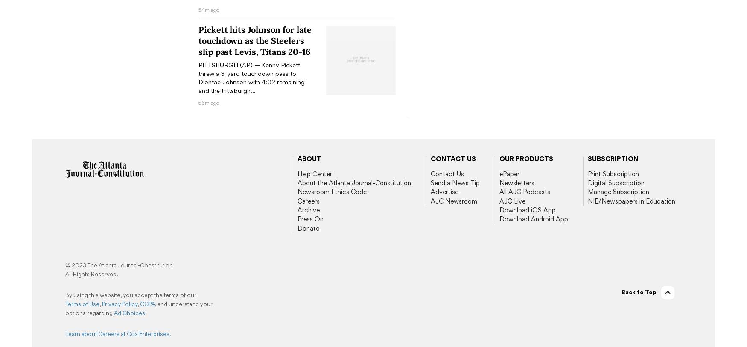  I want to click on '56m ago', so click(208, 102).